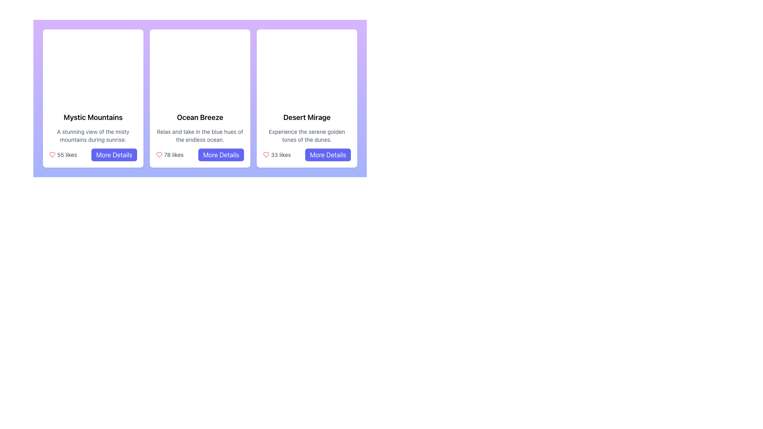  Describe the element at coordinates (169, 155) in the screenshot. I see `the '78 likes' informational label with a red heart icon, located in the second card of a horizontally aligned list of cards, positioned above the 'More Details' button` at that location.